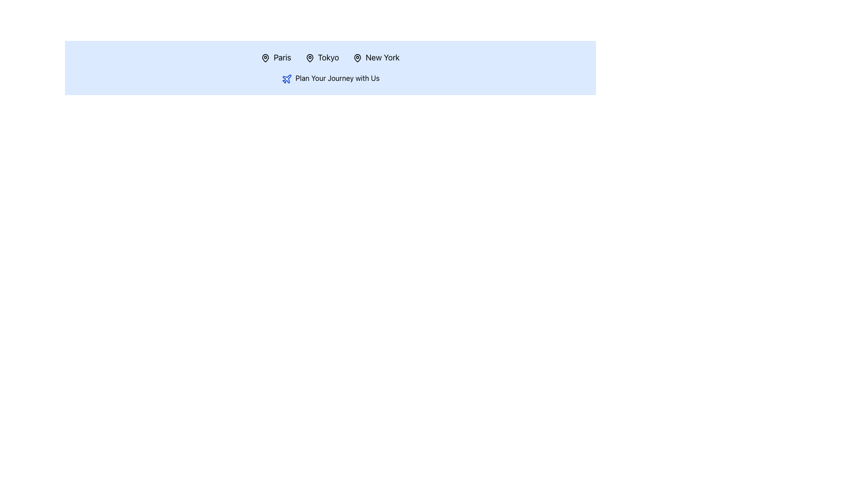 The width and height of the screenshot is (854, 480). Describe the element at coordinates (330, 78) in the screenshot. I see `the promotional header element featuring a text label and a decorative plane icon` at that location.